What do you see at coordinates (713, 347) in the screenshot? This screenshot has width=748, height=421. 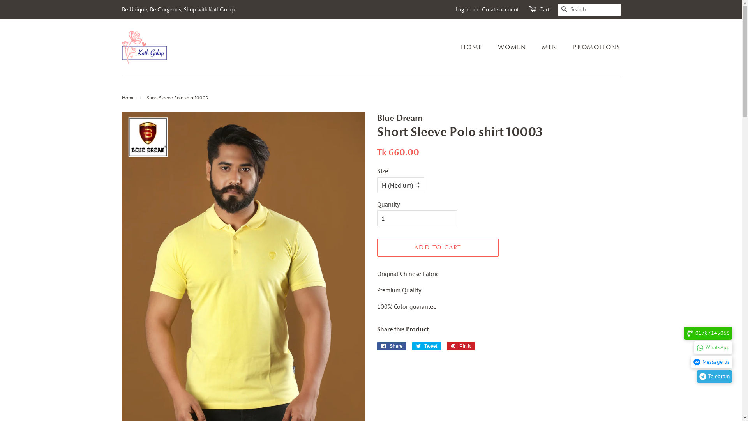 I see `'WhatsApp'` at bounding box center [713, 347].